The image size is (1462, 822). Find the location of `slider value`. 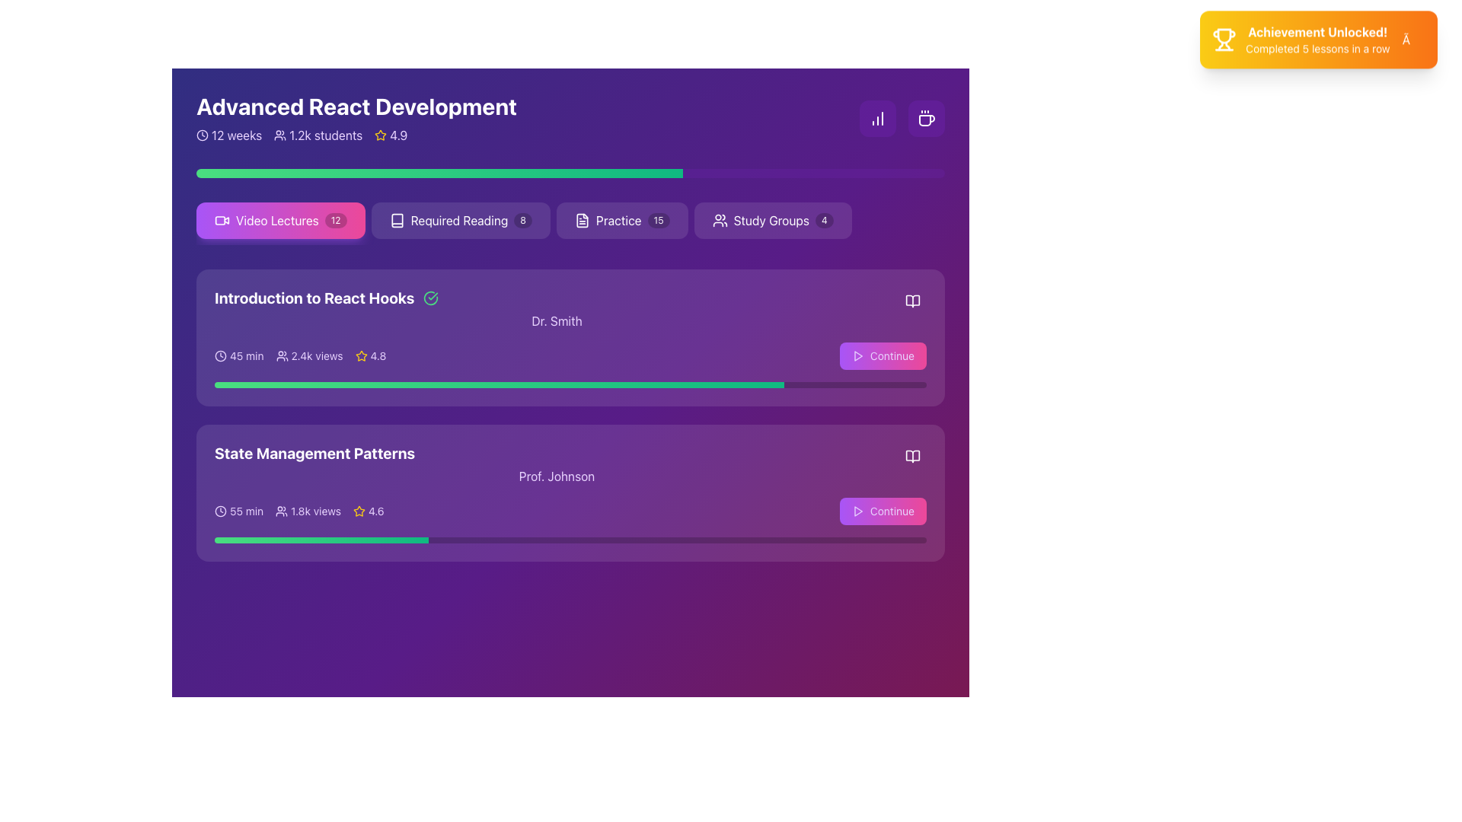

slider value is located at coordinates (350, 384).